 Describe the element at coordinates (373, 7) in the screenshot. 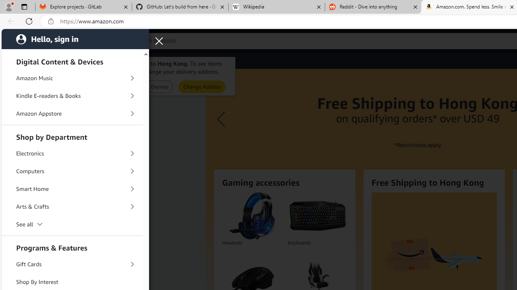

I see `'Reddit - Dive into anything'` at that location.